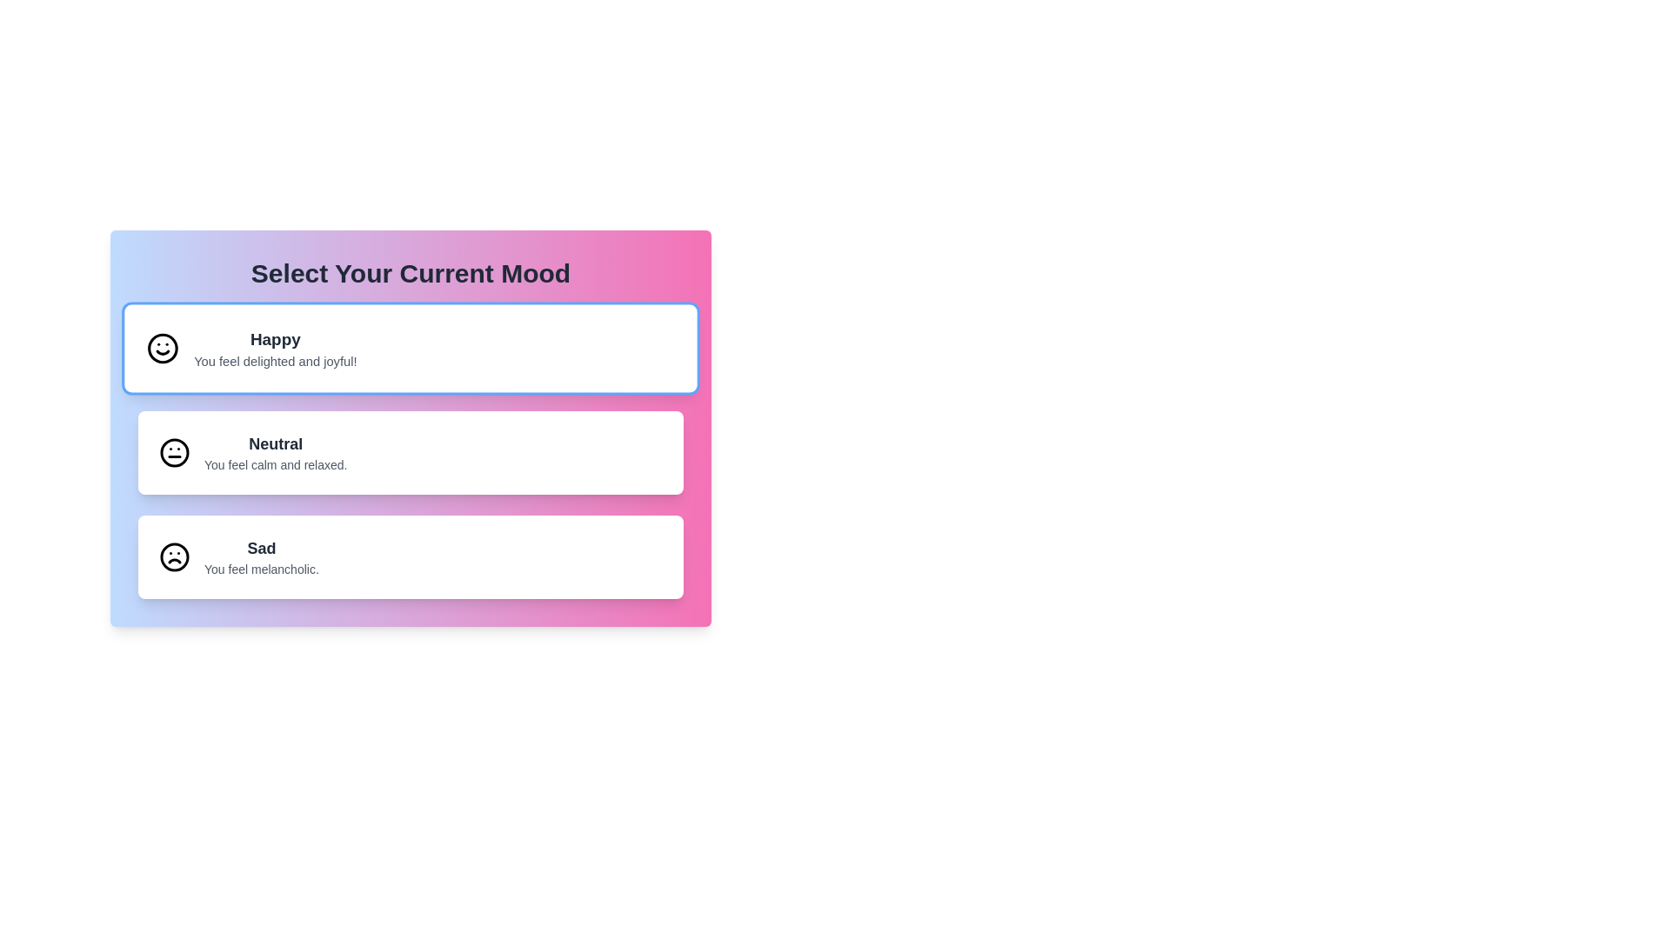 The height and width of the screenshot is (939, 1670). What do you see at coordinates (274, 360) in the screenshot?
I see `the text element displaying 'You feel delighted and joyful!' which is located beneath the title 'Happy' in the mood selection card` at bounding box center [274, 360].